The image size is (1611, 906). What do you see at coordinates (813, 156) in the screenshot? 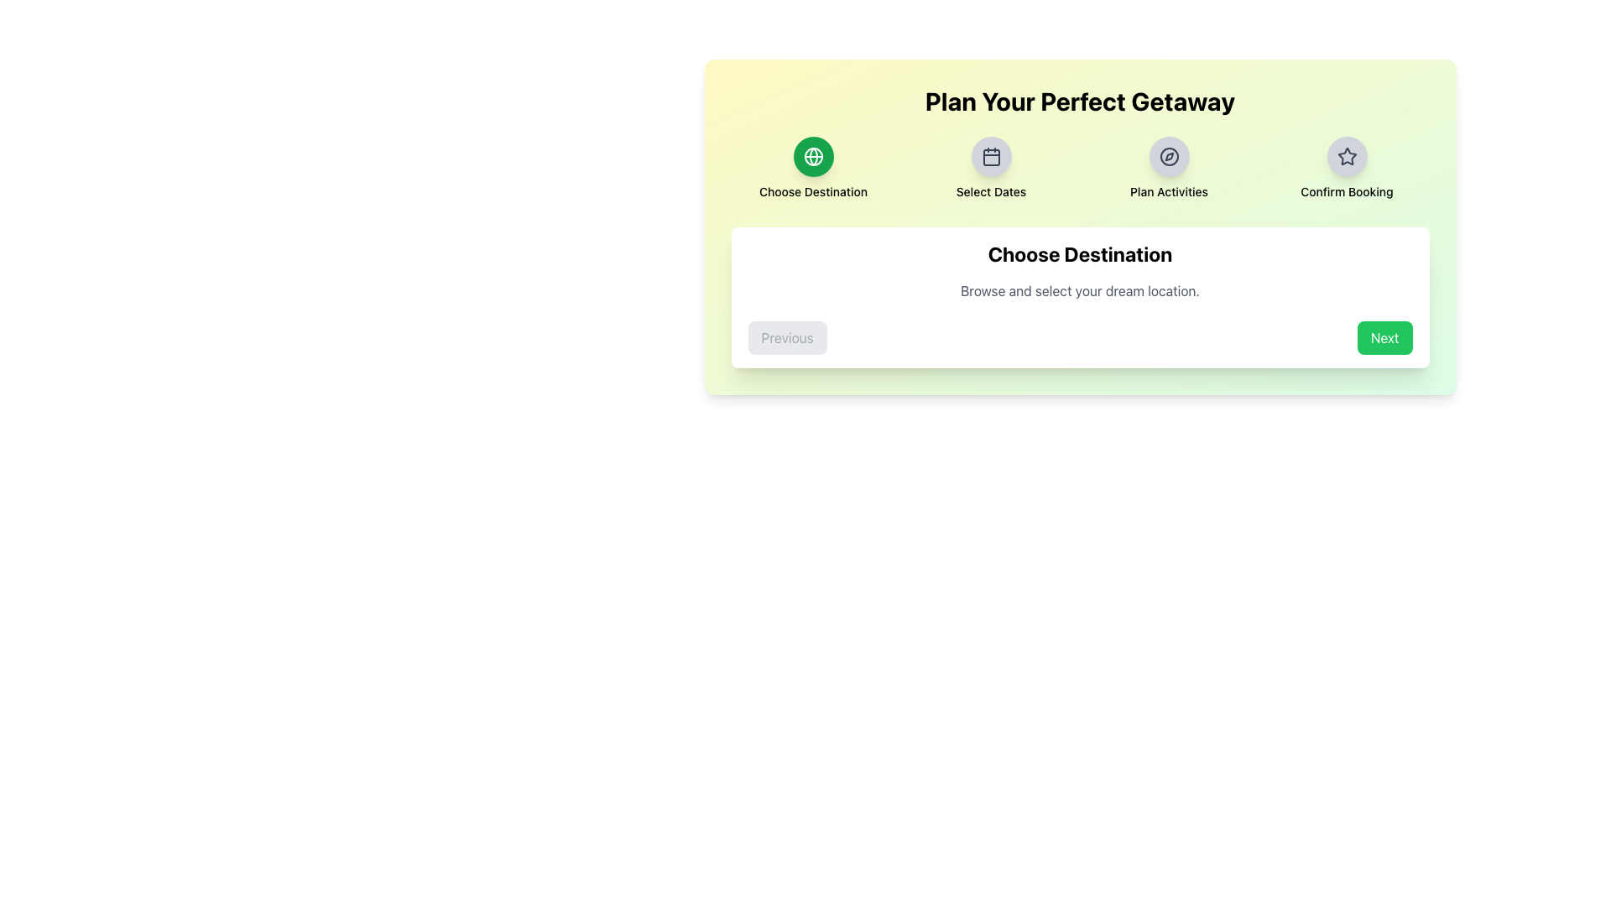
I see `the SVG Circle that visually represents the 'Choose Destination' feature, located above the text 'Choose Destination' and symbolizing a globe` at bounding box center [813, 156].